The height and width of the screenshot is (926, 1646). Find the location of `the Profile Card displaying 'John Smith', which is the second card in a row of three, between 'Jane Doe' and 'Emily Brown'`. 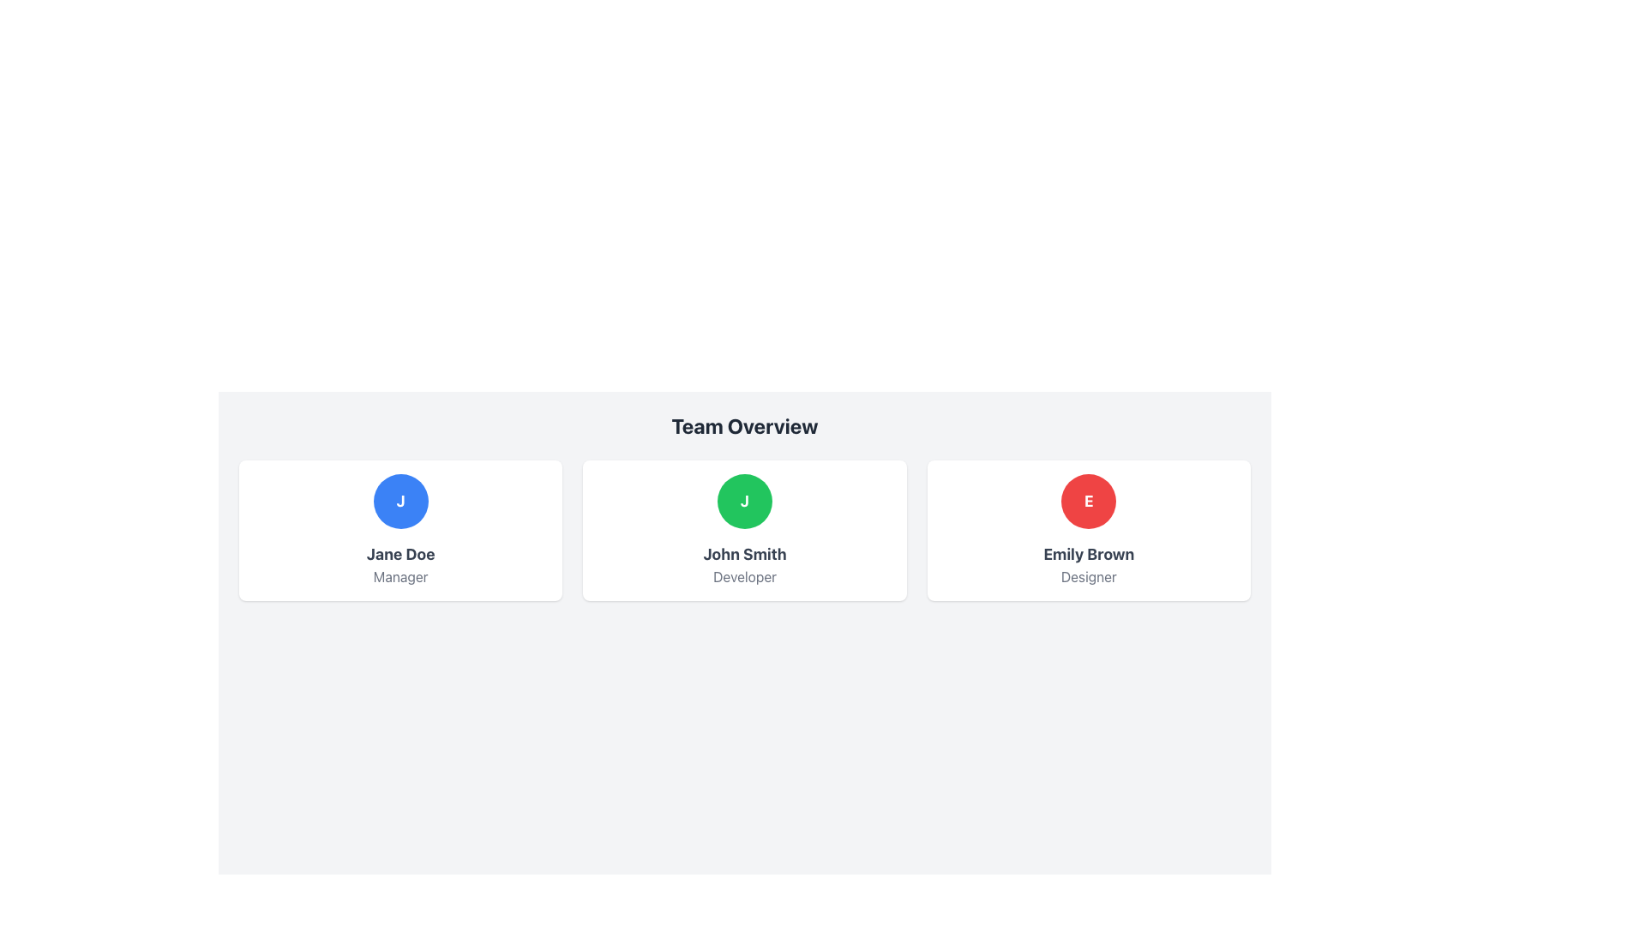

the Profile Card displaying 'John Smith', which is the second card in a row of three, between 'Jane Doe' and 'Emily Brown' is located at coordinates (744, 529).